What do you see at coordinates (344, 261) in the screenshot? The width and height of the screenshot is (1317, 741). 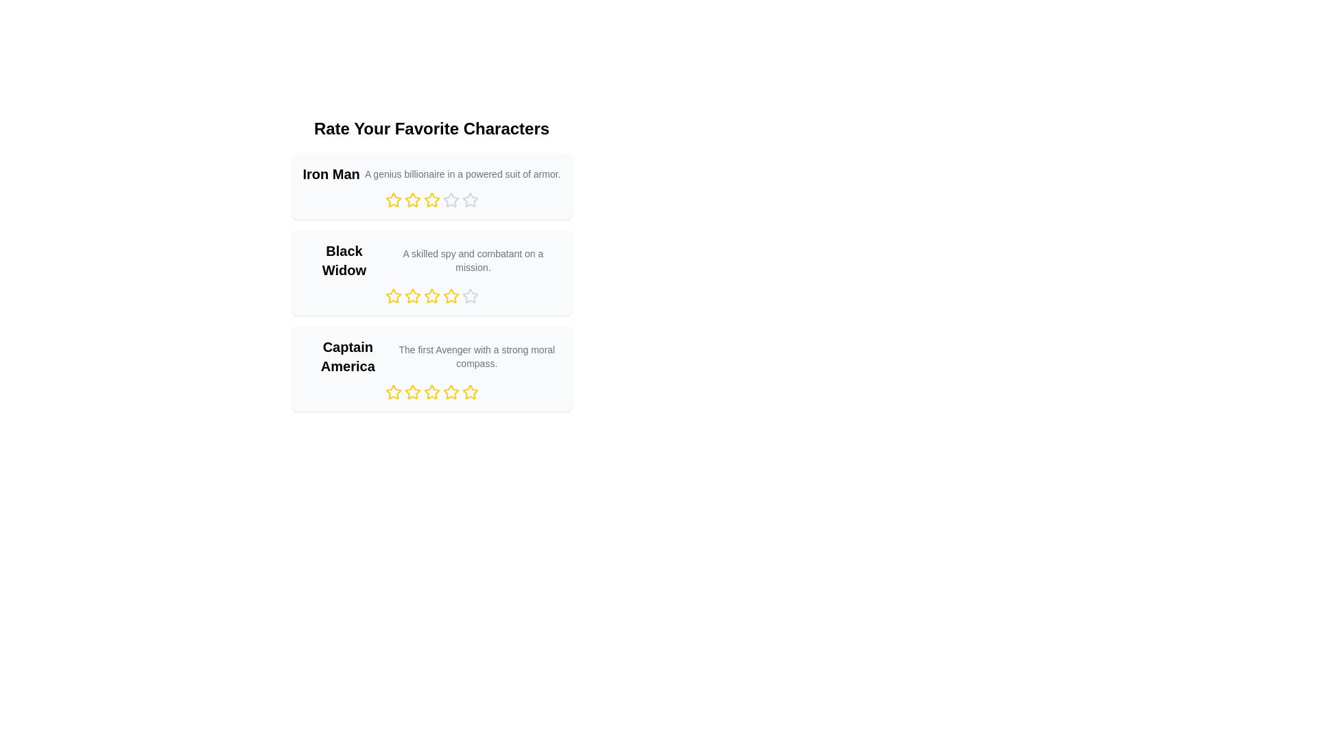 I see `the text label that serves as the title or name of the character, which is the second entry in a vertically stacked layout of character profiles` at bounding box center [344, 261].